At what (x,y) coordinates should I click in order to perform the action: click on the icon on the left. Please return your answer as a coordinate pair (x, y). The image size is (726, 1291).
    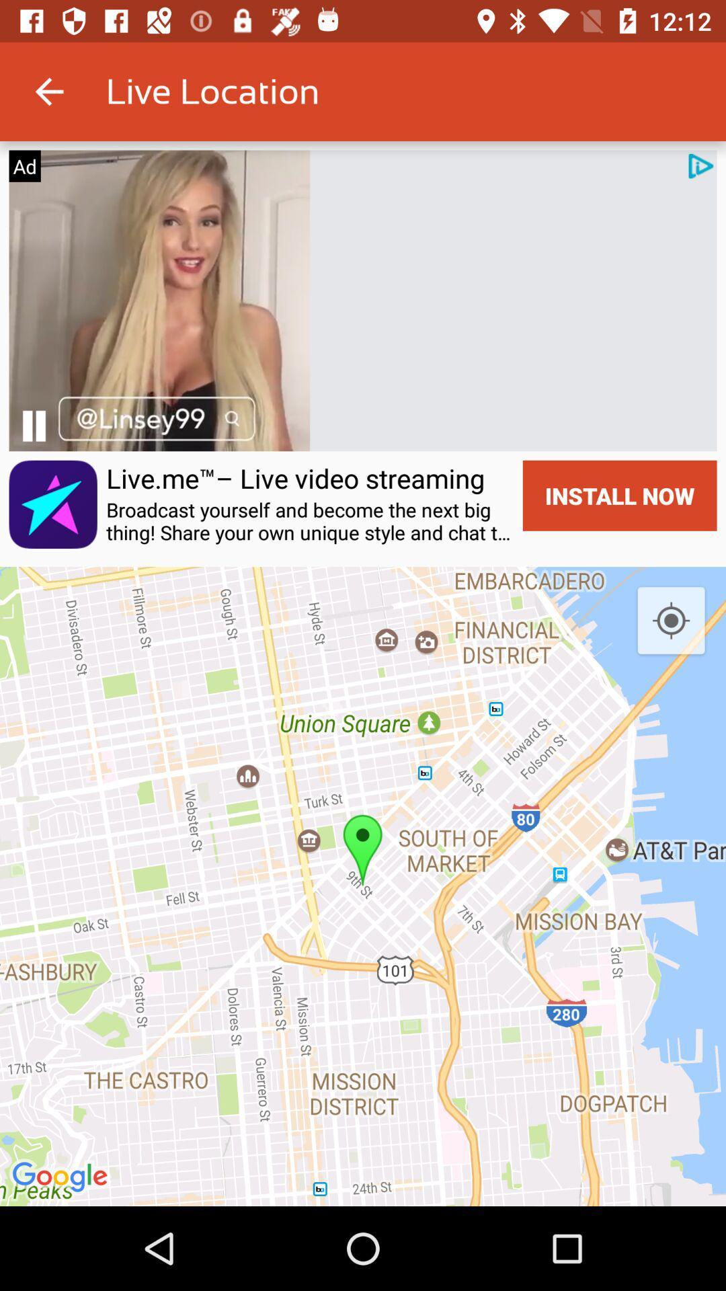
    Looking at the image, I should click on (52, 504).